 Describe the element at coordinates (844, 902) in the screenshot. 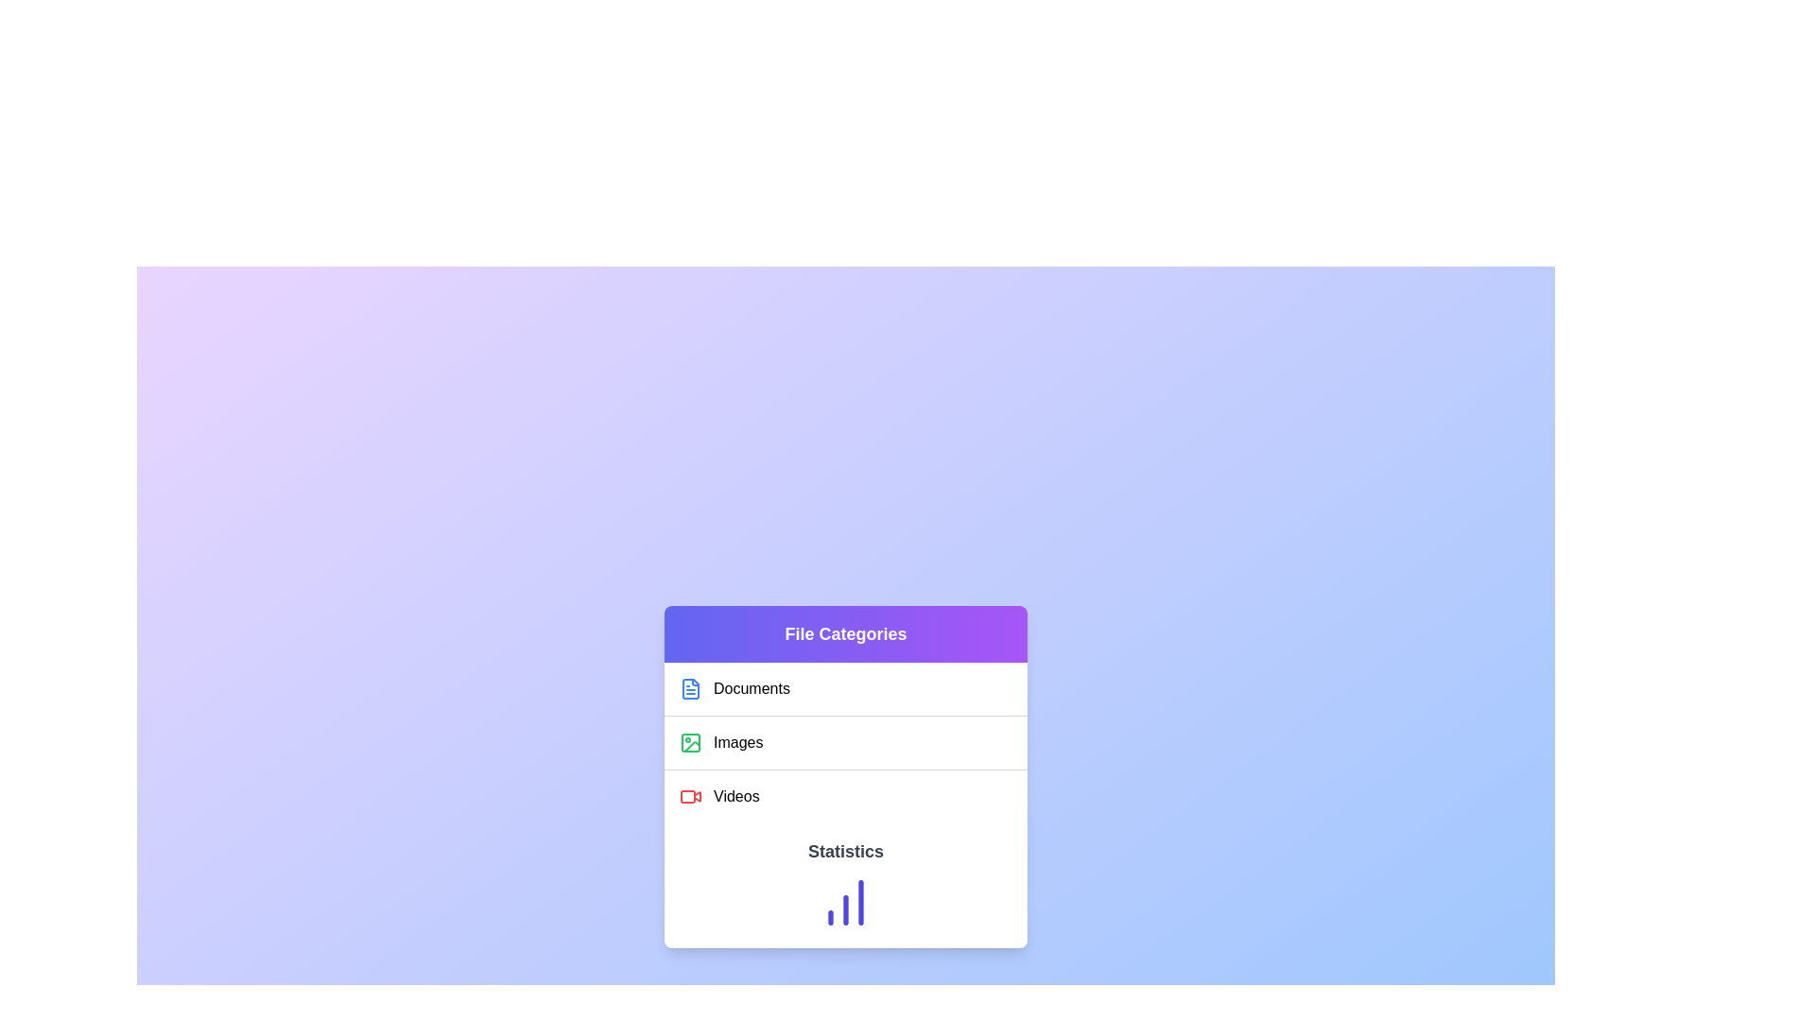

I see `the chart in the 'Statistics' section by moving the cursor to its center` at that location.